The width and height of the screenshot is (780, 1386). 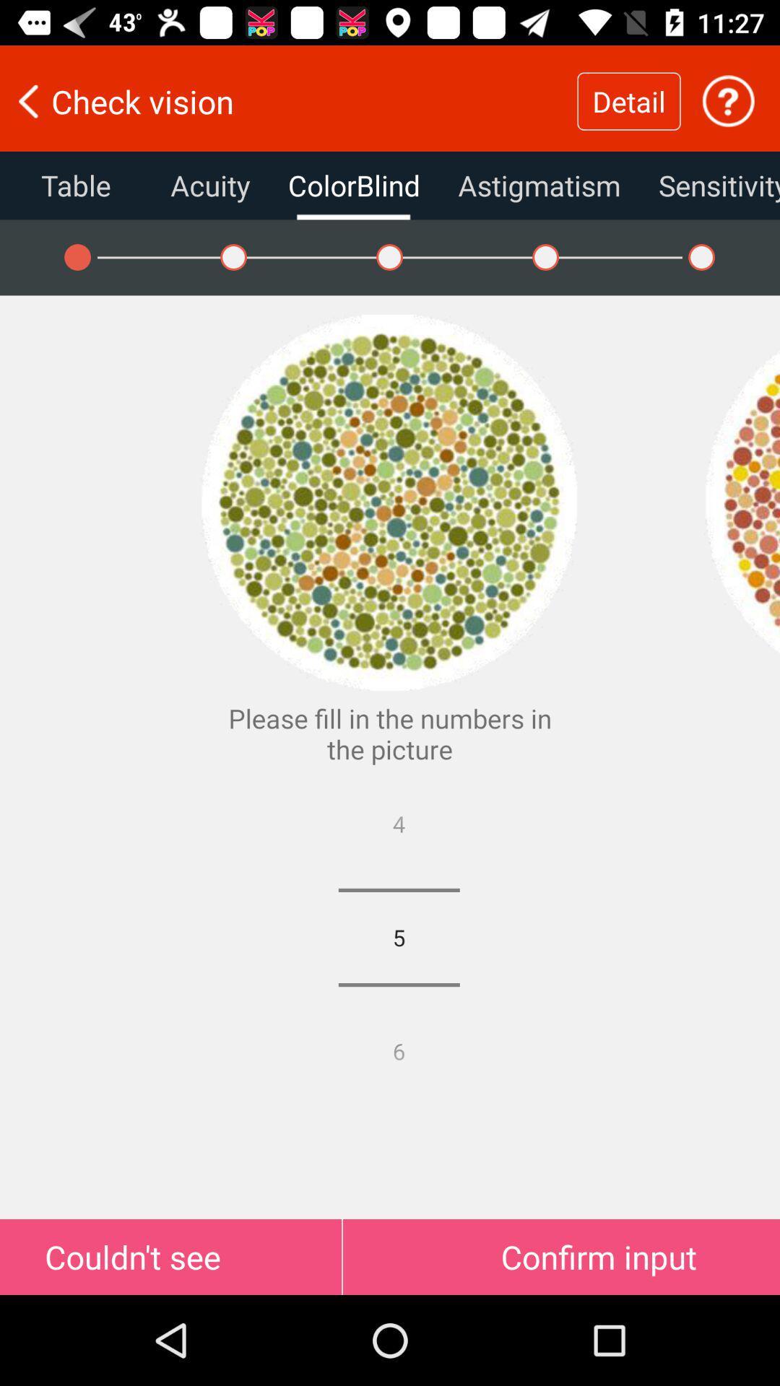 I want to click on find out more, so click(x=728, y=100).